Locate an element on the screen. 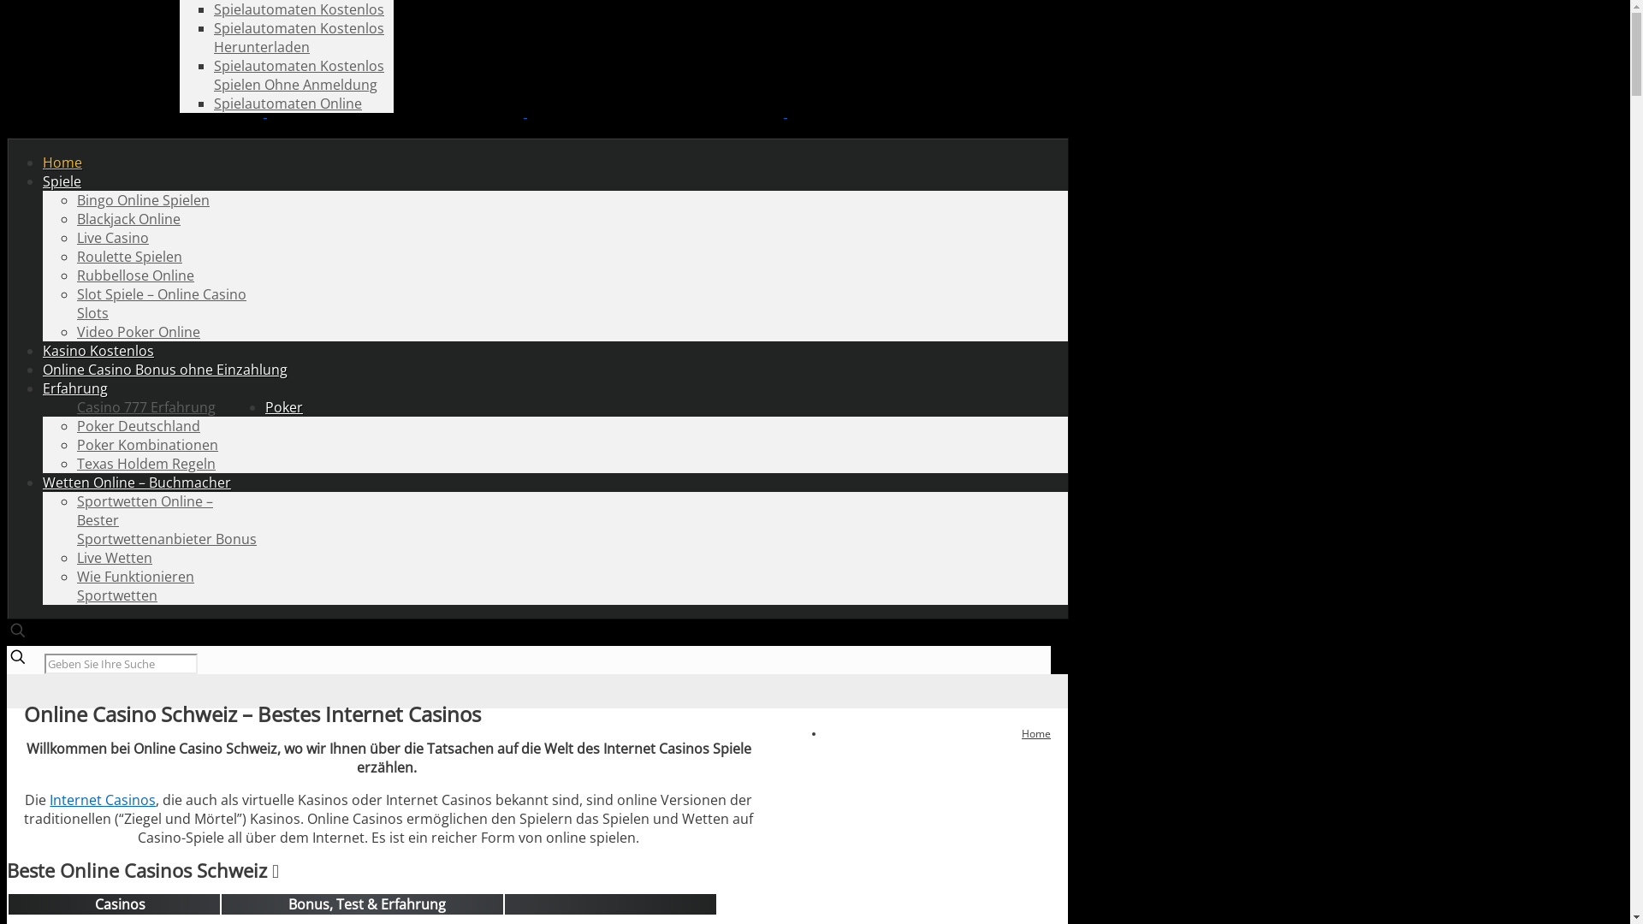  'Live Casino' is located at coordinates (112, 237).